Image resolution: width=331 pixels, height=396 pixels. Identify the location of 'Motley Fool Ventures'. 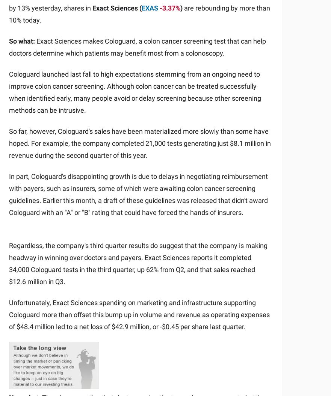
(252, 242).